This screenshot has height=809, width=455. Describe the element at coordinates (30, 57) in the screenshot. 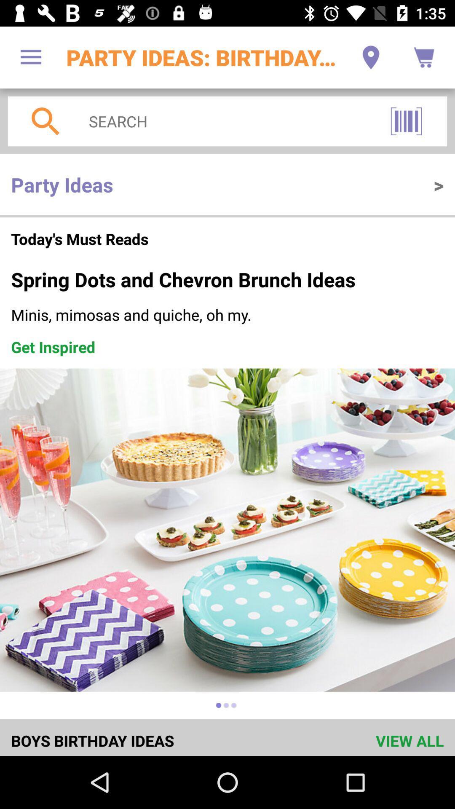

I see `the item to the left of the party ideas birthday item` at that location.